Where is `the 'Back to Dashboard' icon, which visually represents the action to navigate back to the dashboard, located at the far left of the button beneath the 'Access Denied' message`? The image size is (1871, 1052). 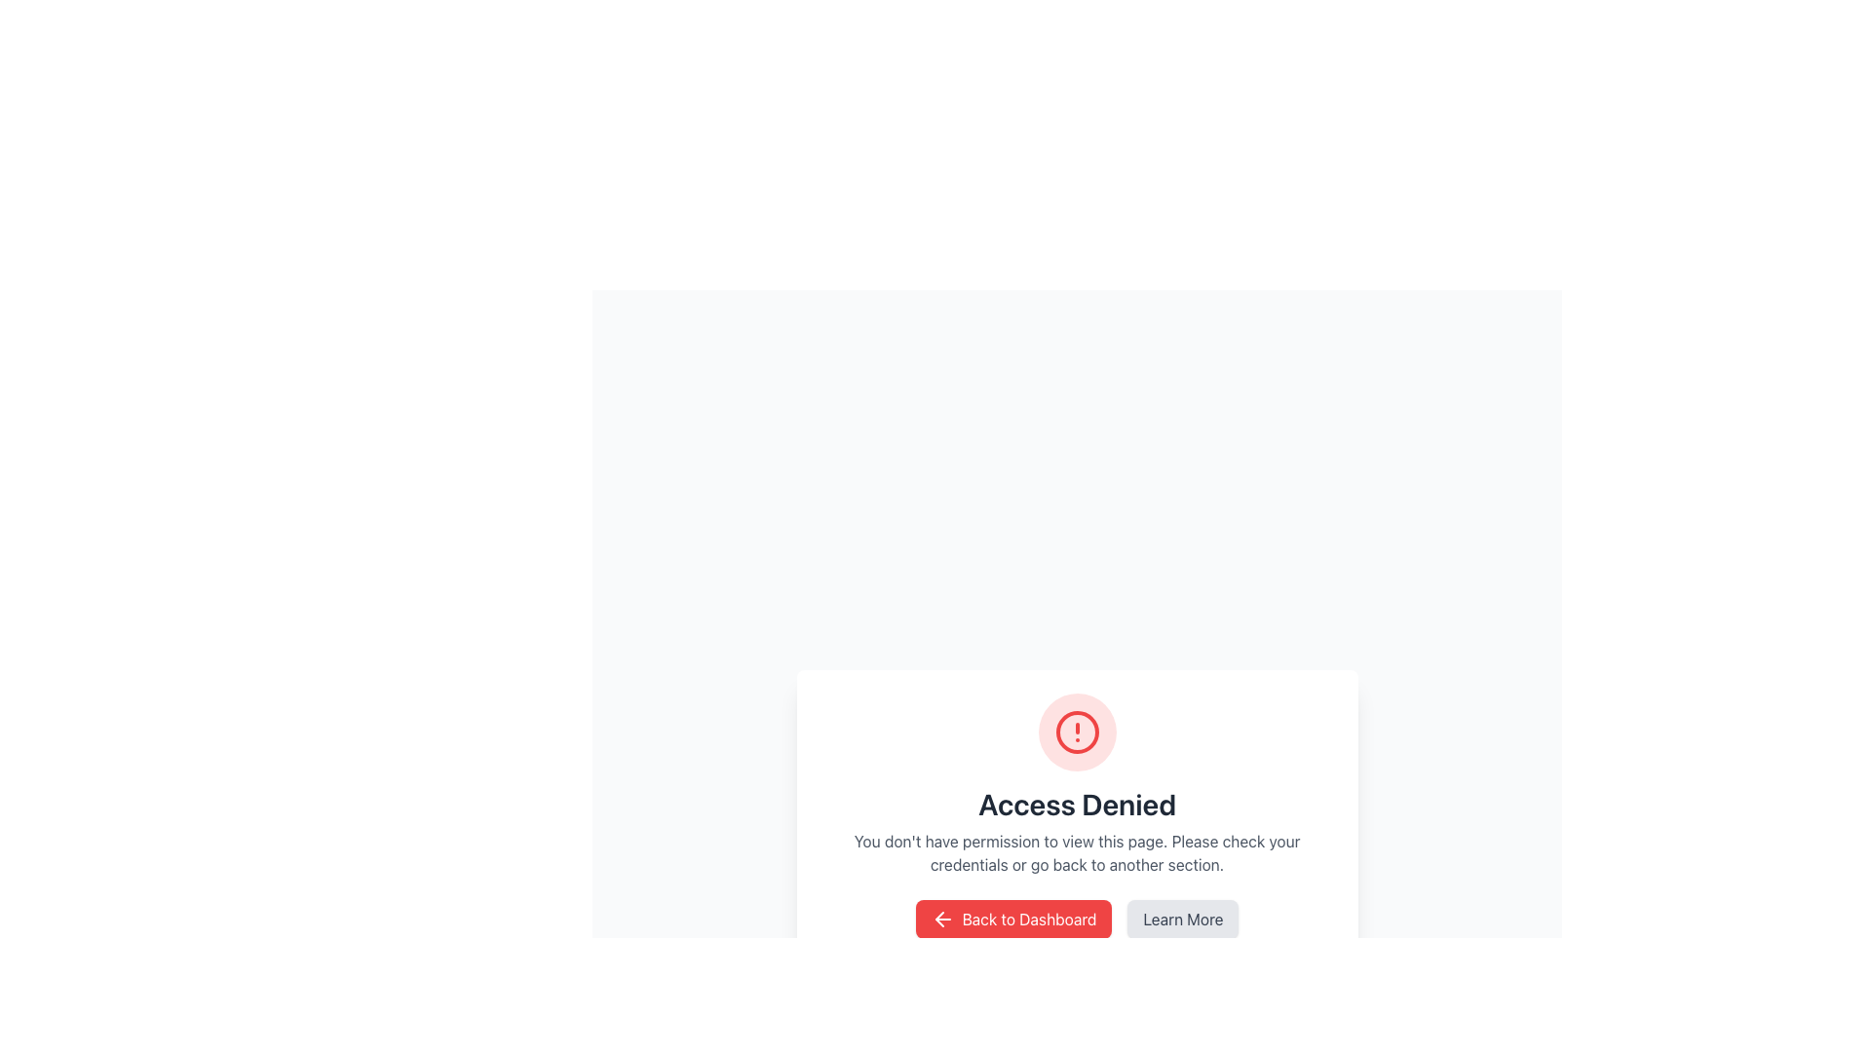
the 'Back to Dashboard' icon, which visually represents the action to navigate back to the dashboard, located at the far left of the button beneath the 'Access Denied' message is located at coordinates (942, 920).